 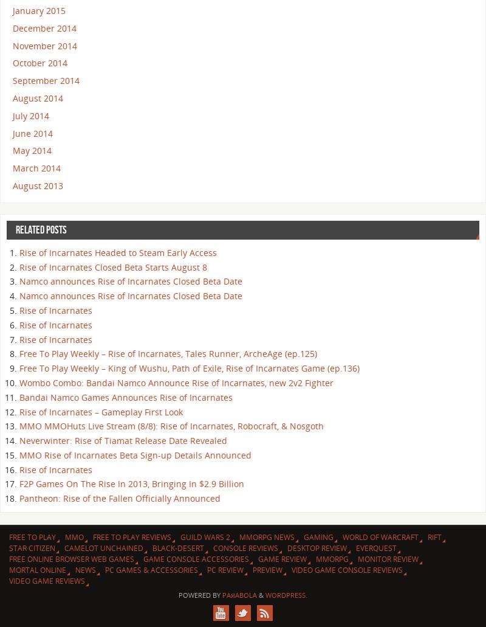 I want to click on 'Powered by', so click(x=178, y=594).